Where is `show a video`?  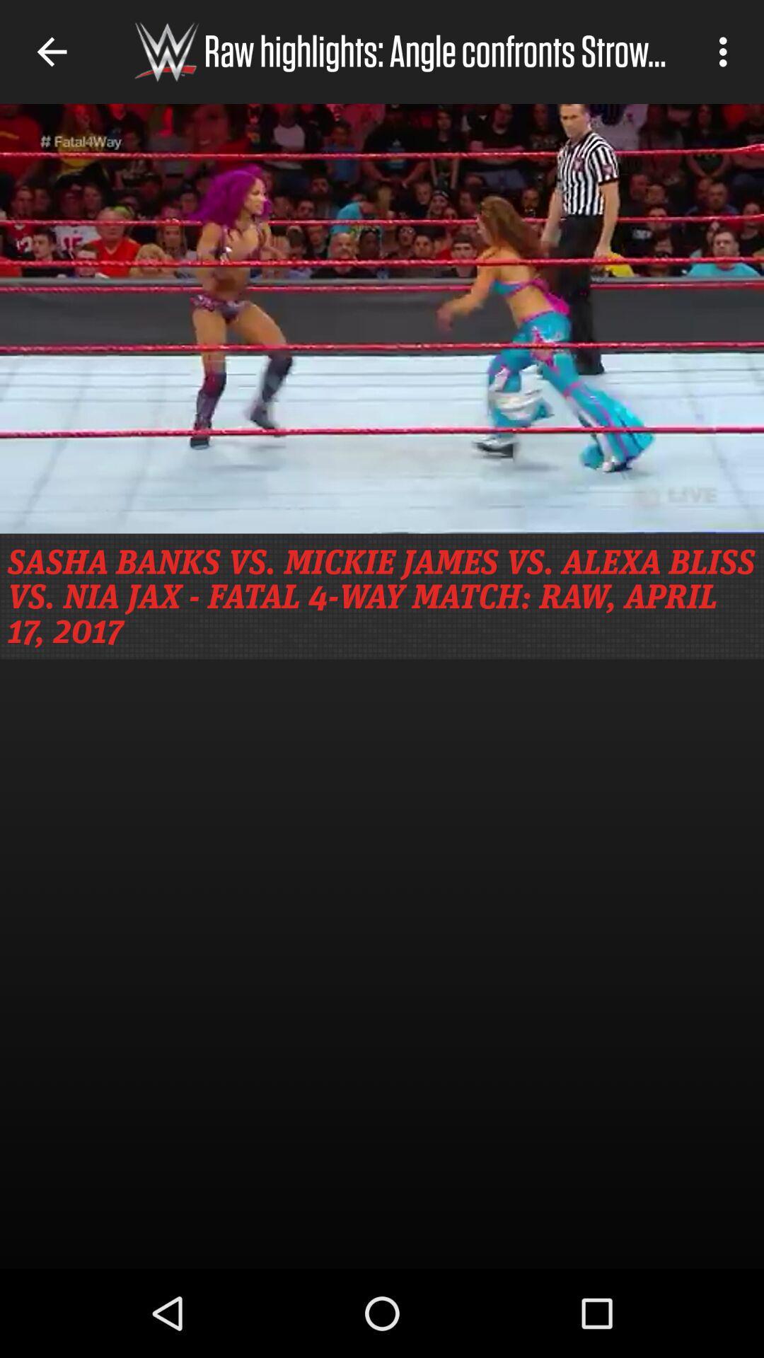
show a video is located at coordinates (382, 318).